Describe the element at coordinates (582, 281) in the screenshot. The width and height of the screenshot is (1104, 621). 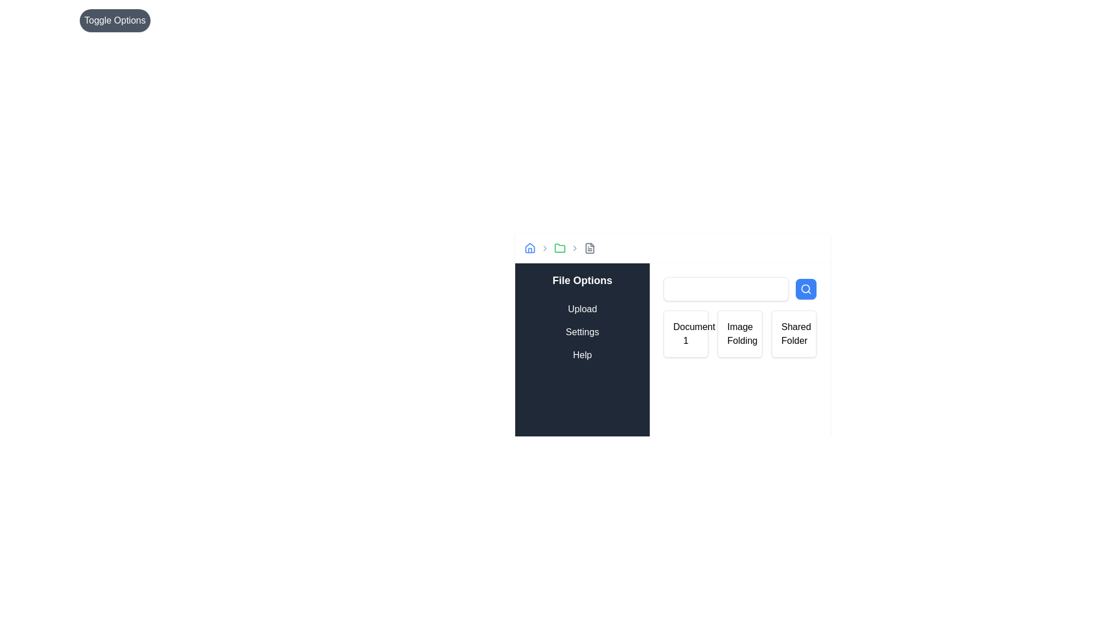
I see `the prominent static text label located at the top-left corner of the dark sidebar, which serves as the header for the menu options below` at that location.